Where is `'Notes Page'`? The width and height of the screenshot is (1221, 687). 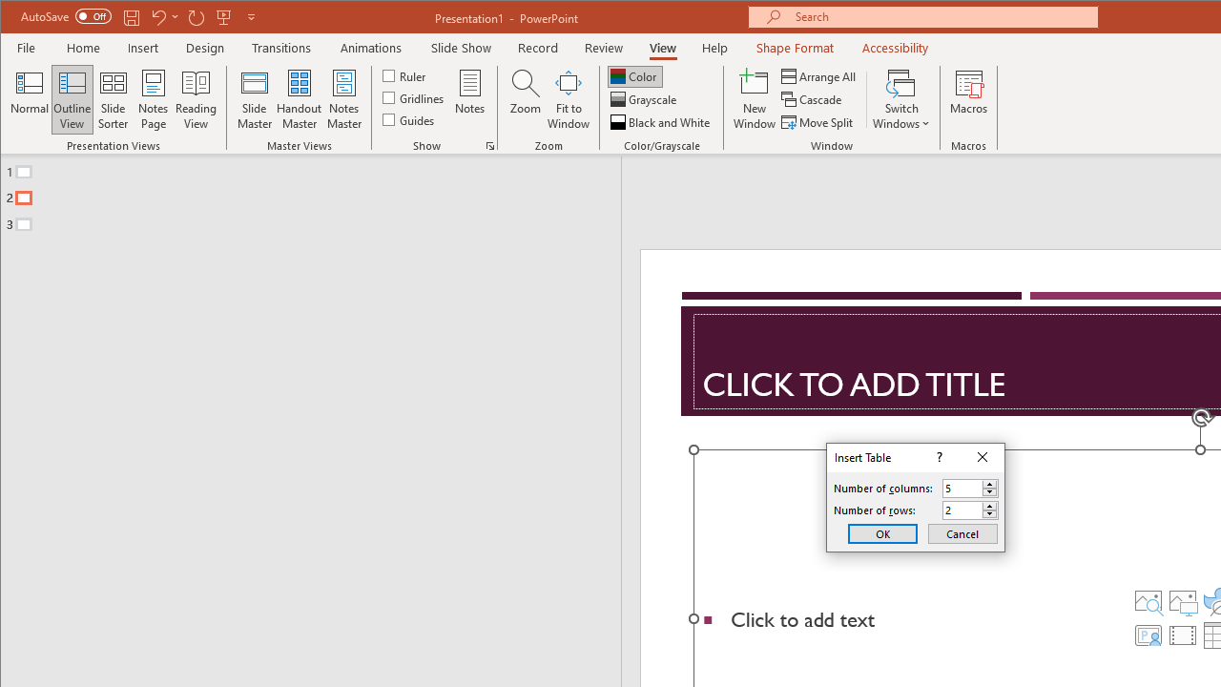
'Notes Page' is located at coordinates (153, 99).